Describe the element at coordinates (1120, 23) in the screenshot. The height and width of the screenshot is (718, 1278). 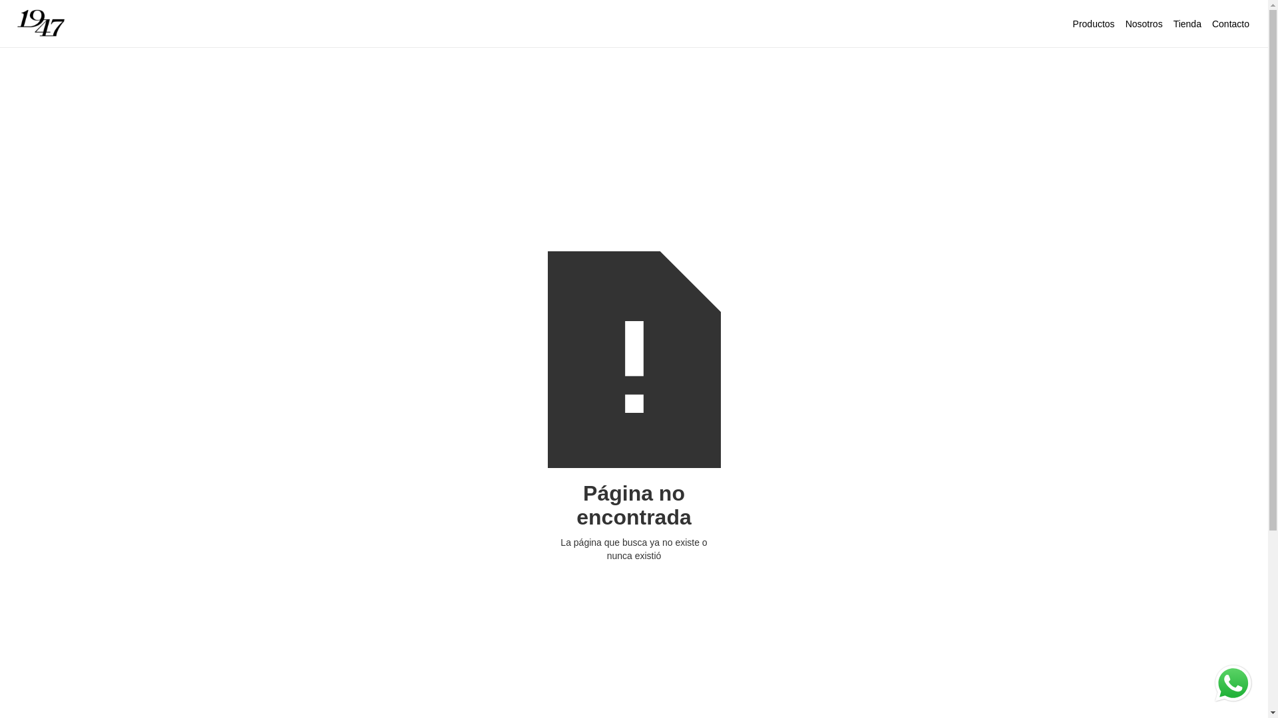
I see `'Nosotros'` at that location.